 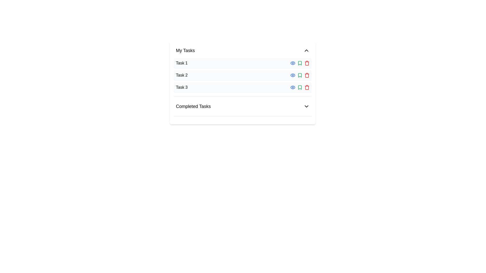 What do you see at coordinates (306, 106) in the screenshot?
I see `the downward-facing chevron icon used as a dropdown toggle next to the 'Completed Tasks' label to trigger hover effects` at bounding box center [306, 106].